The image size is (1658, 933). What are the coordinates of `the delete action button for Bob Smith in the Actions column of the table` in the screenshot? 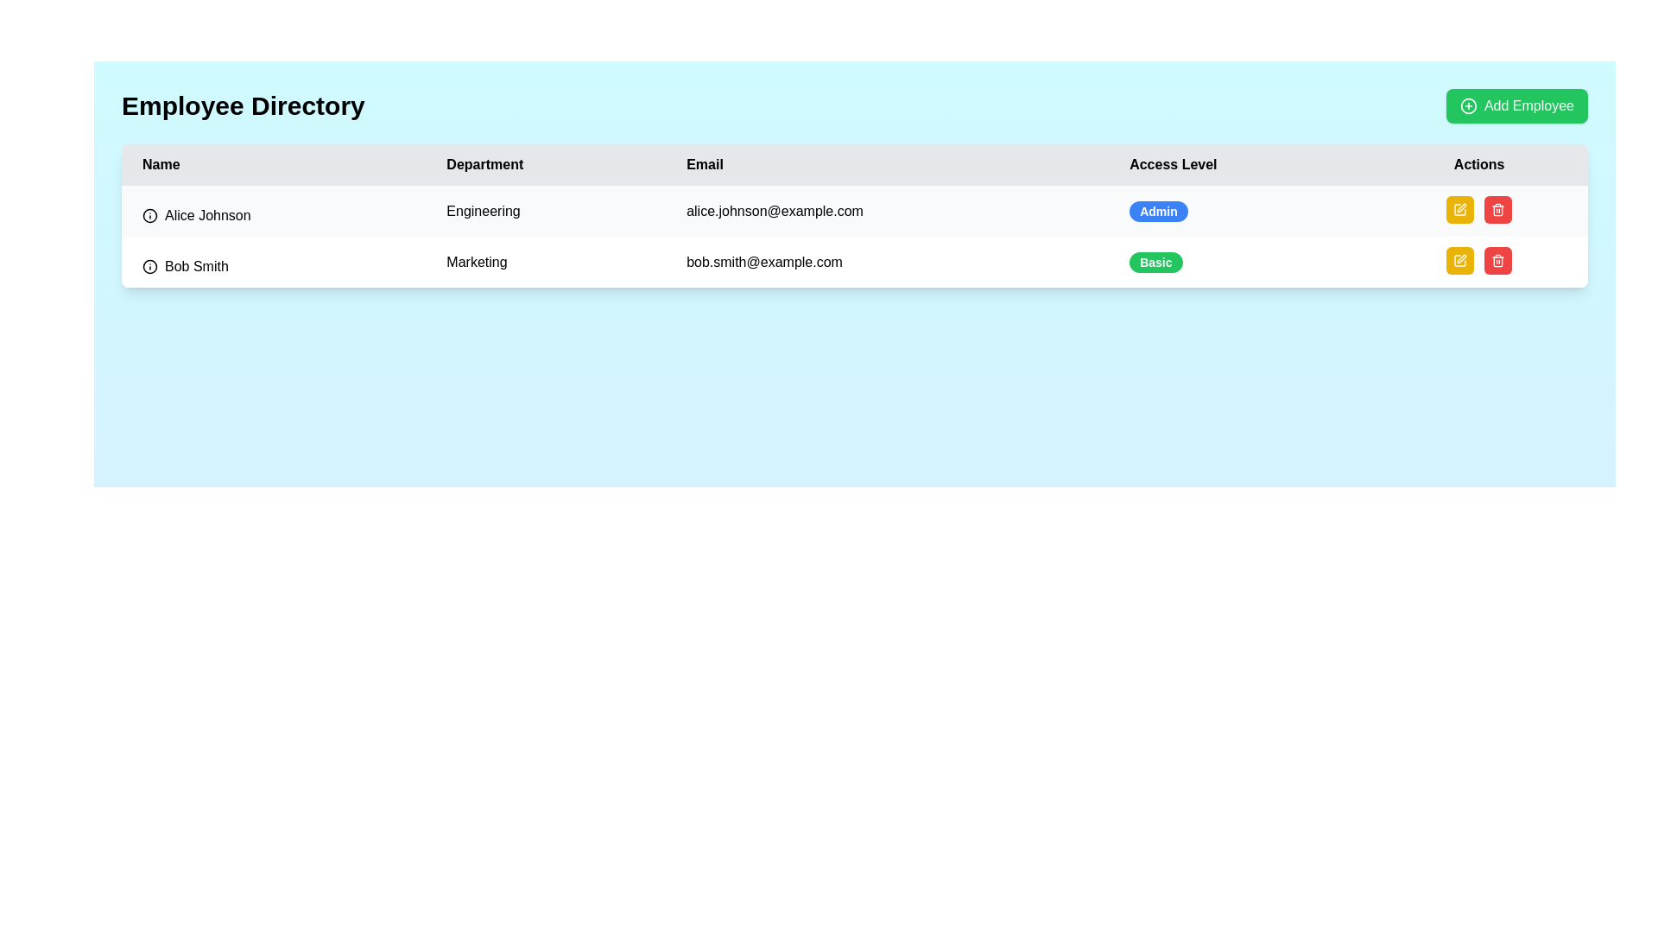 It's located at (1497, 209).